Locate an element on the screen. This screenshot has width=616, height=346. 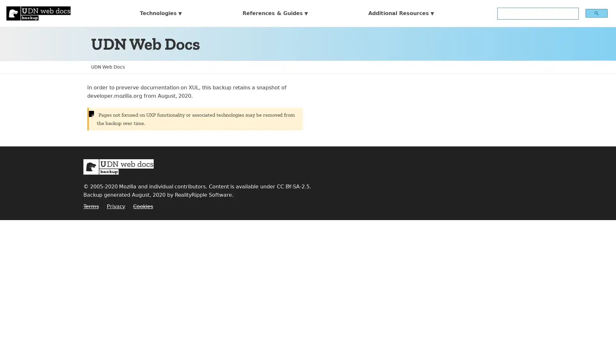
search is located at coordinates (596, 13).